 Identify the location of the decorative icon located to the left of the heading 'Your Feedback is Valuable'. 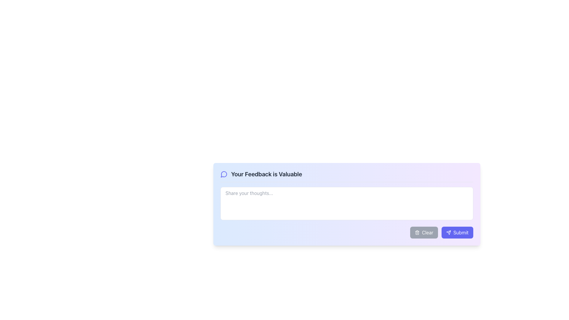
(223, 174).